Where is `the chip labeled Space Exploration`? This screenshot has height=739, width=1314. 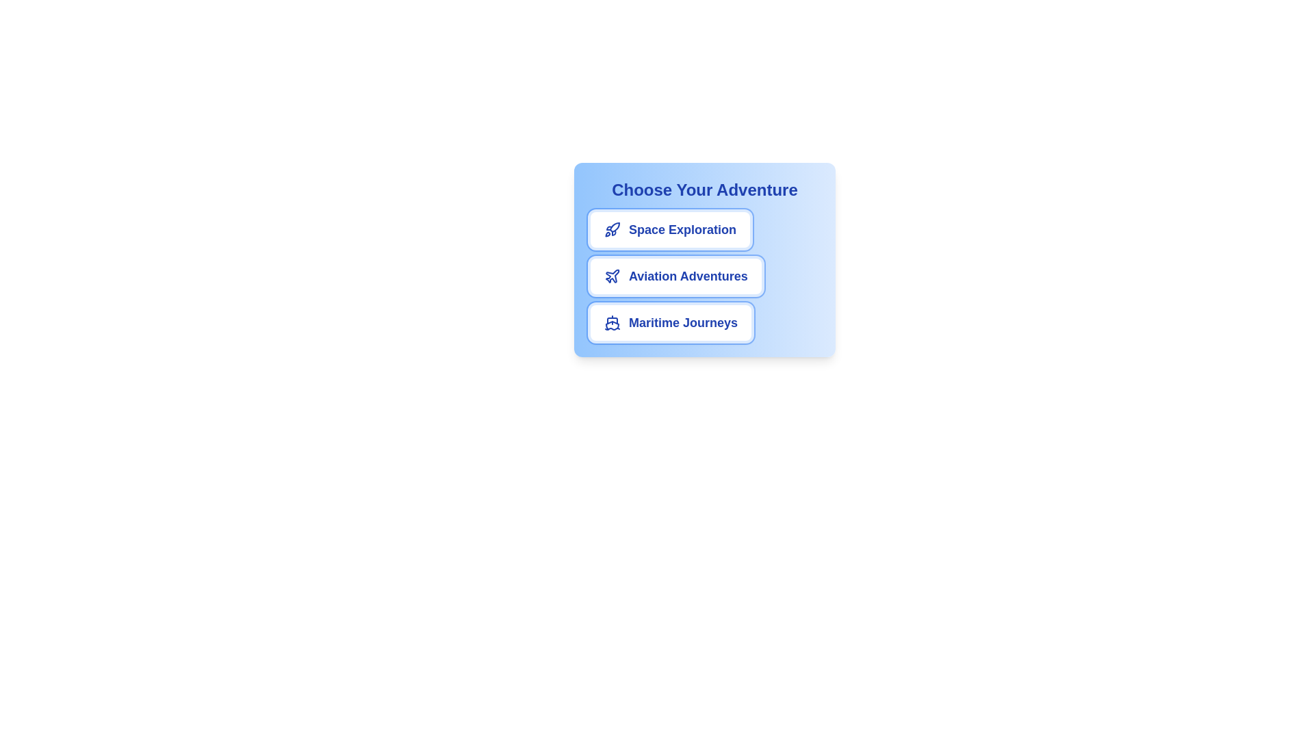
the chip labeled Space Exploration is located at coordinates (670, 229).